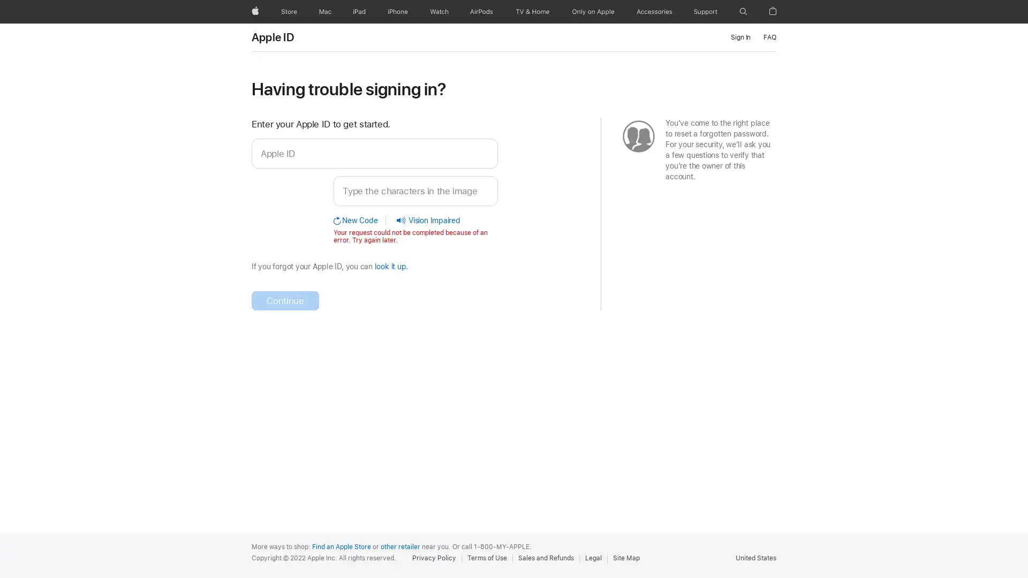 Image resolution: width=1028 pixels, height=578 pixels. I want to click on New Code, so click(360, 219).